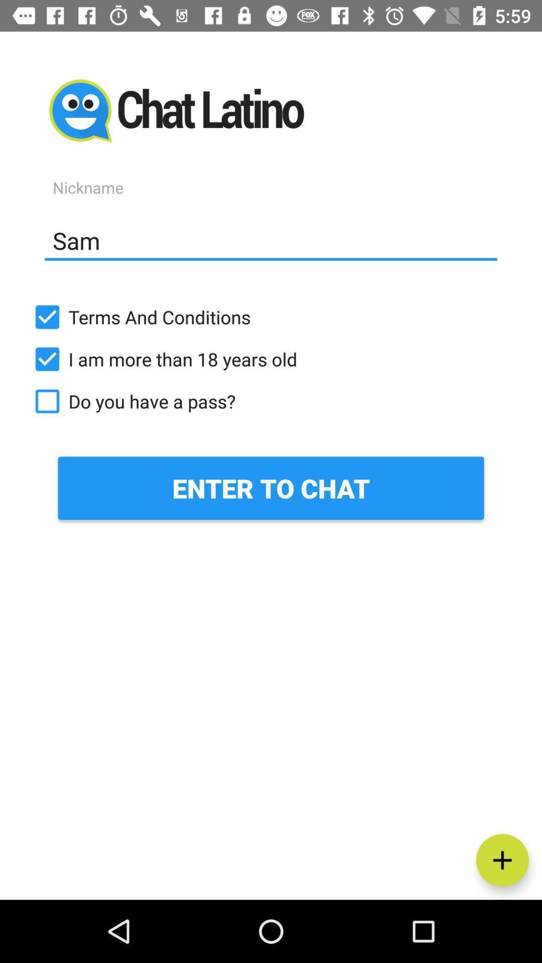  What do you see at coordinates (271, 401) in the screenshot?
I see `the icon below i am more icon` at bounding box center [271, 401].